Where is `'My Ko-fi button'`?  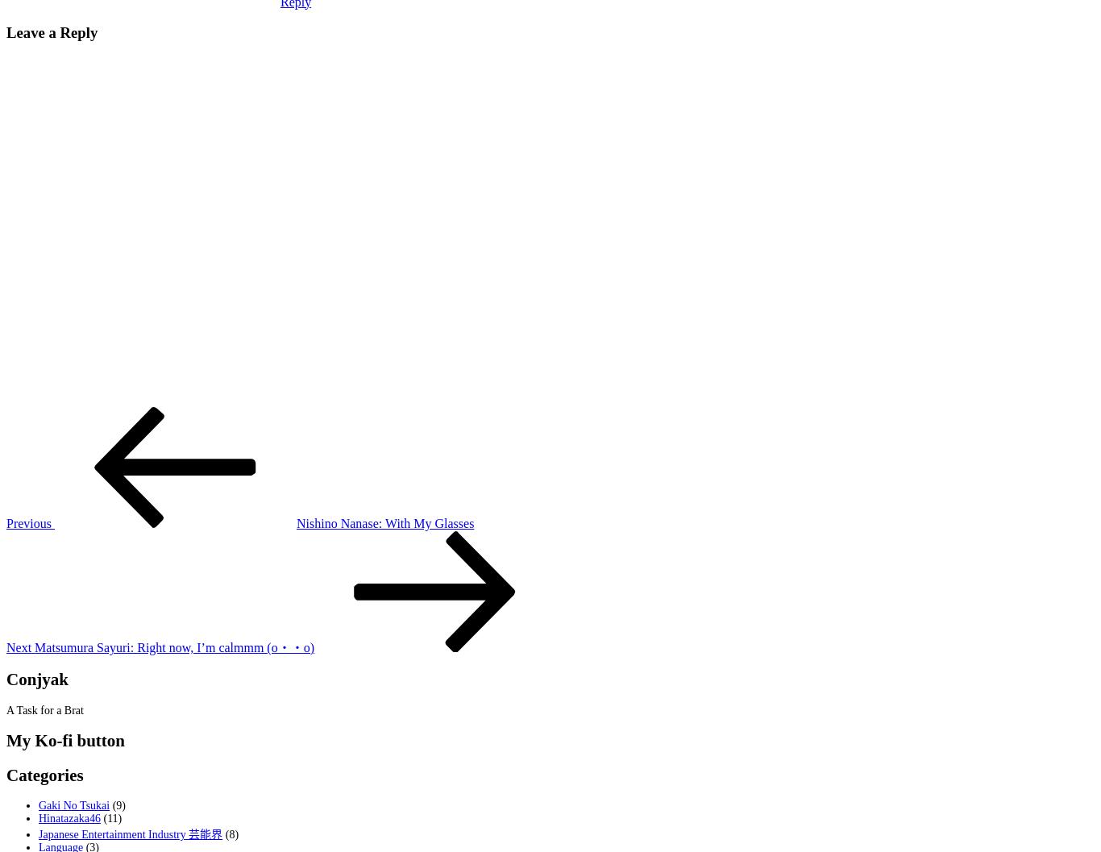 'My Ko-fi button' is located at coordinates (6, 740).